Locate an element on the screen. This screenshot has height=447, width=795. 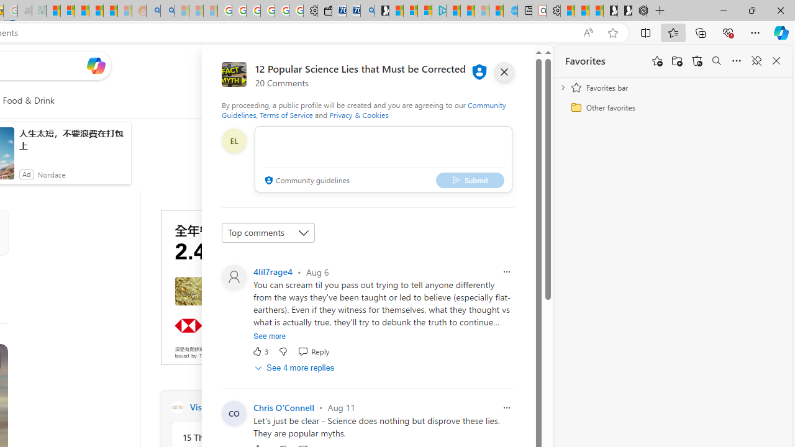
'Submit' is located at coordinates (469, 180).